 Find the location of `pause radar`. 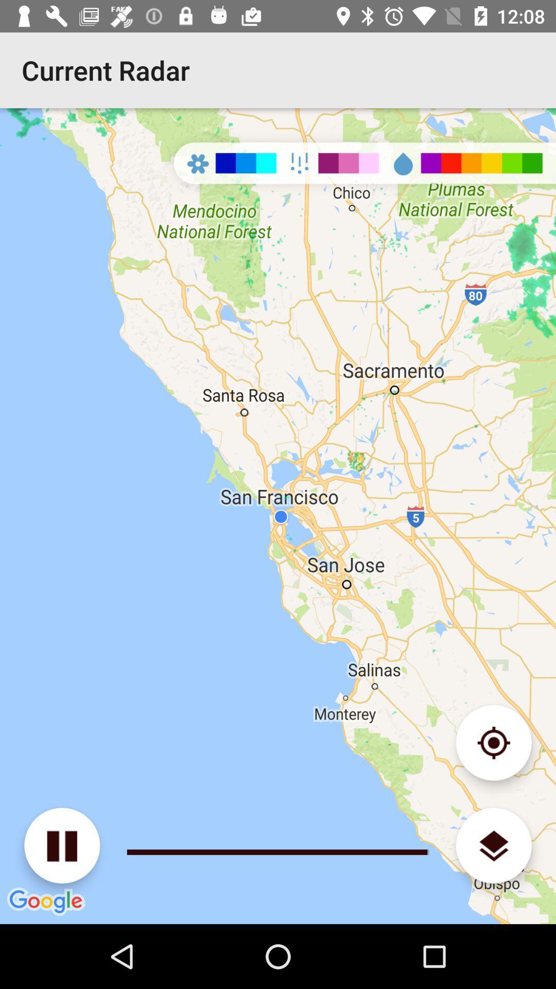

pause radar is located at coordinates (62, 845).